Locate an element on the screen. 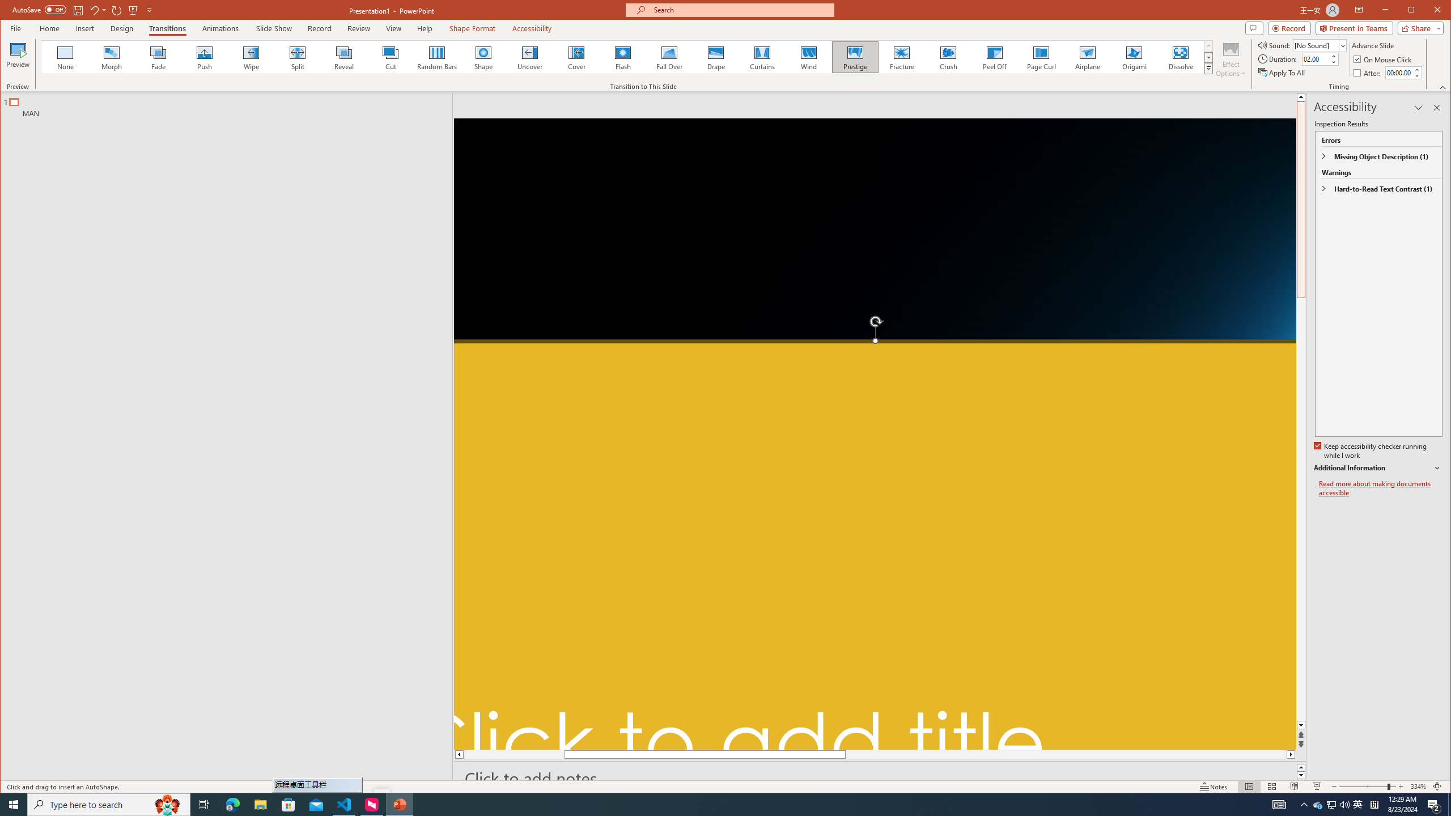  'Q2790: 100%' is located at coordinates (1344, 804).